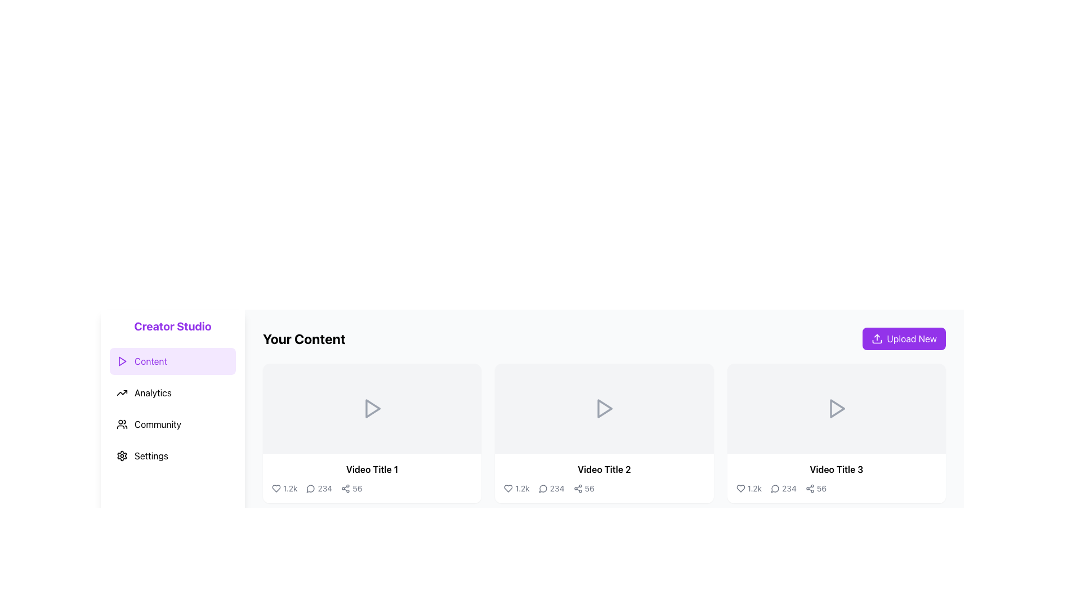 Image resolution: width=1081 pixels, height=608 pixels. Describe the element at coordinates (345, 488) in the screenshot. I see `the Share Icon located to the left of the numerical label '56' beneath 'Video Title 1' to initiate the share action` at that location.